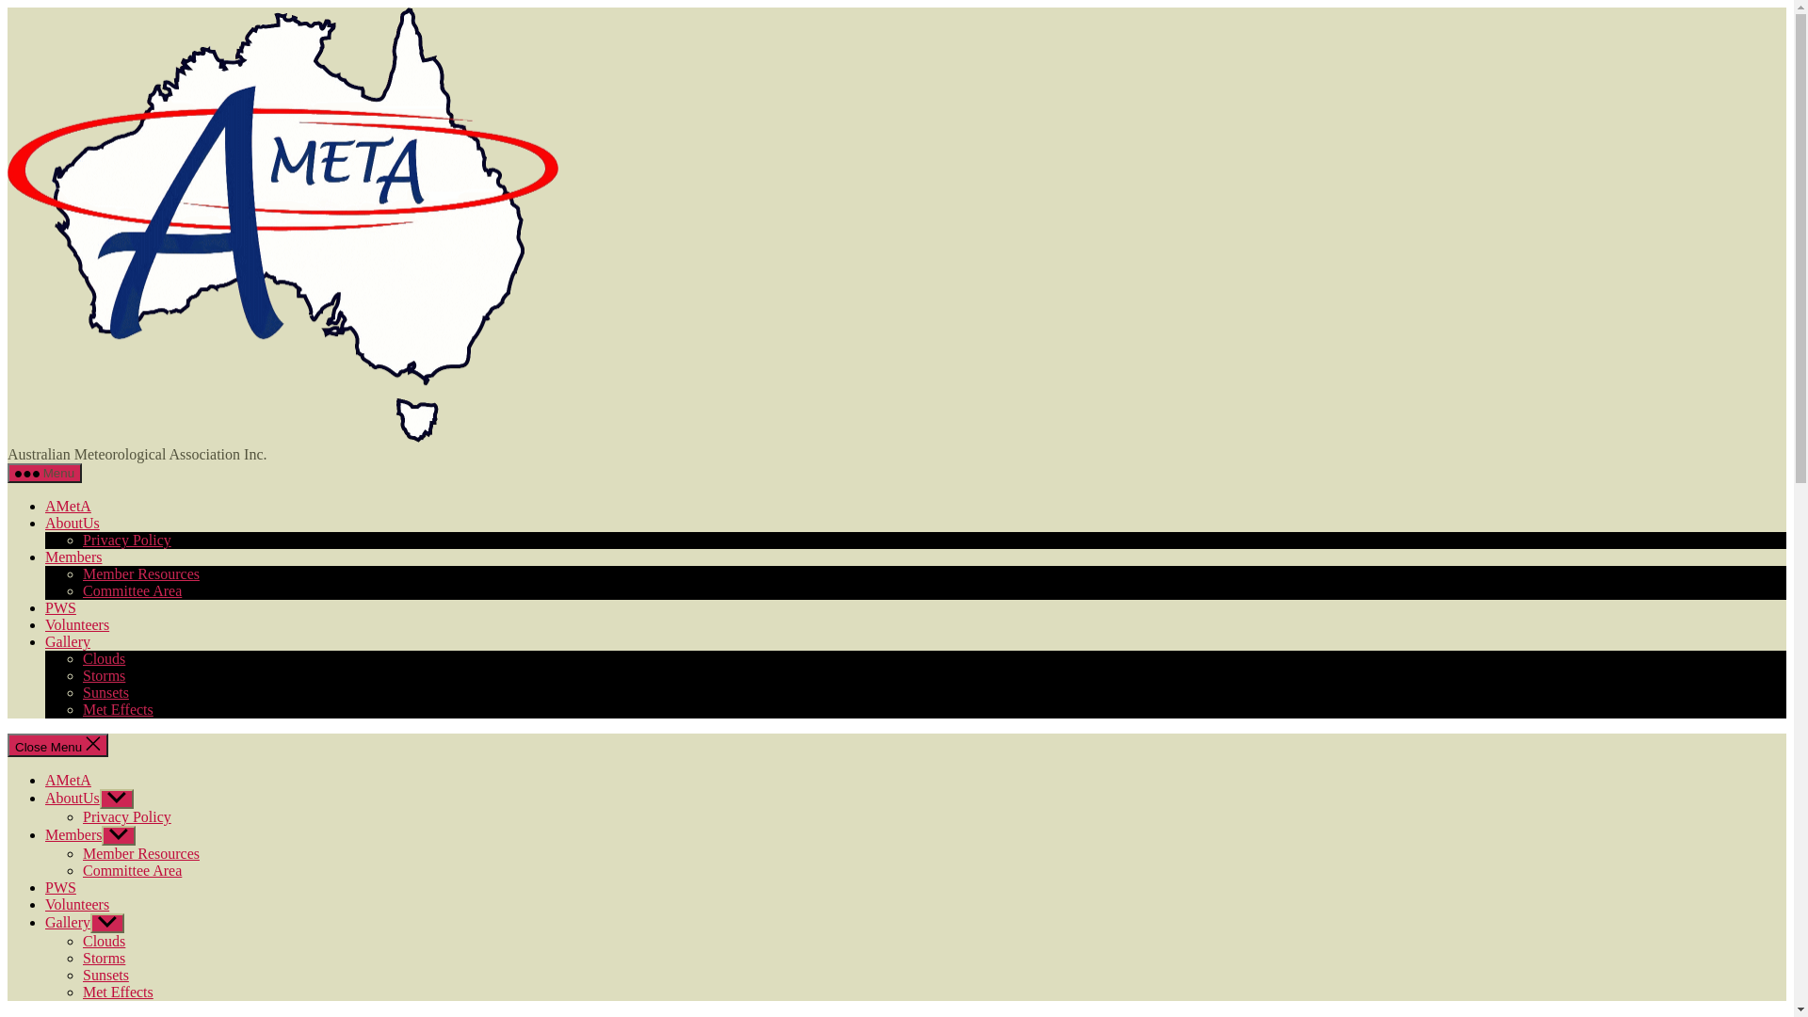  Describe the element at coordinates (125, 815) in the screenshot. I see `'Privacy Policy'` at that location.